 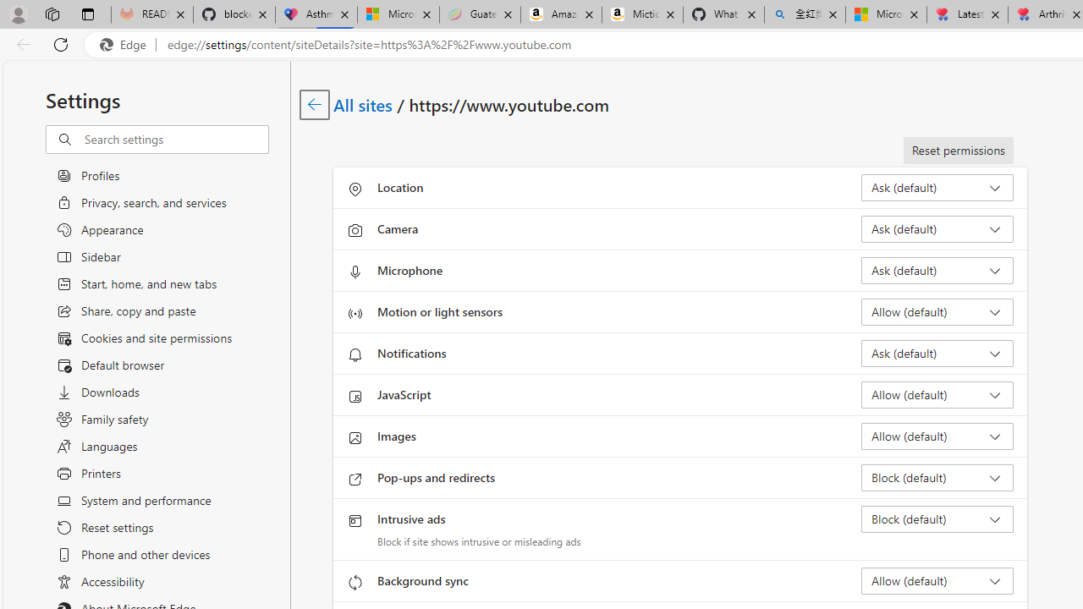 I want to click on 'Class: c01162', so click(x=314, y=104).